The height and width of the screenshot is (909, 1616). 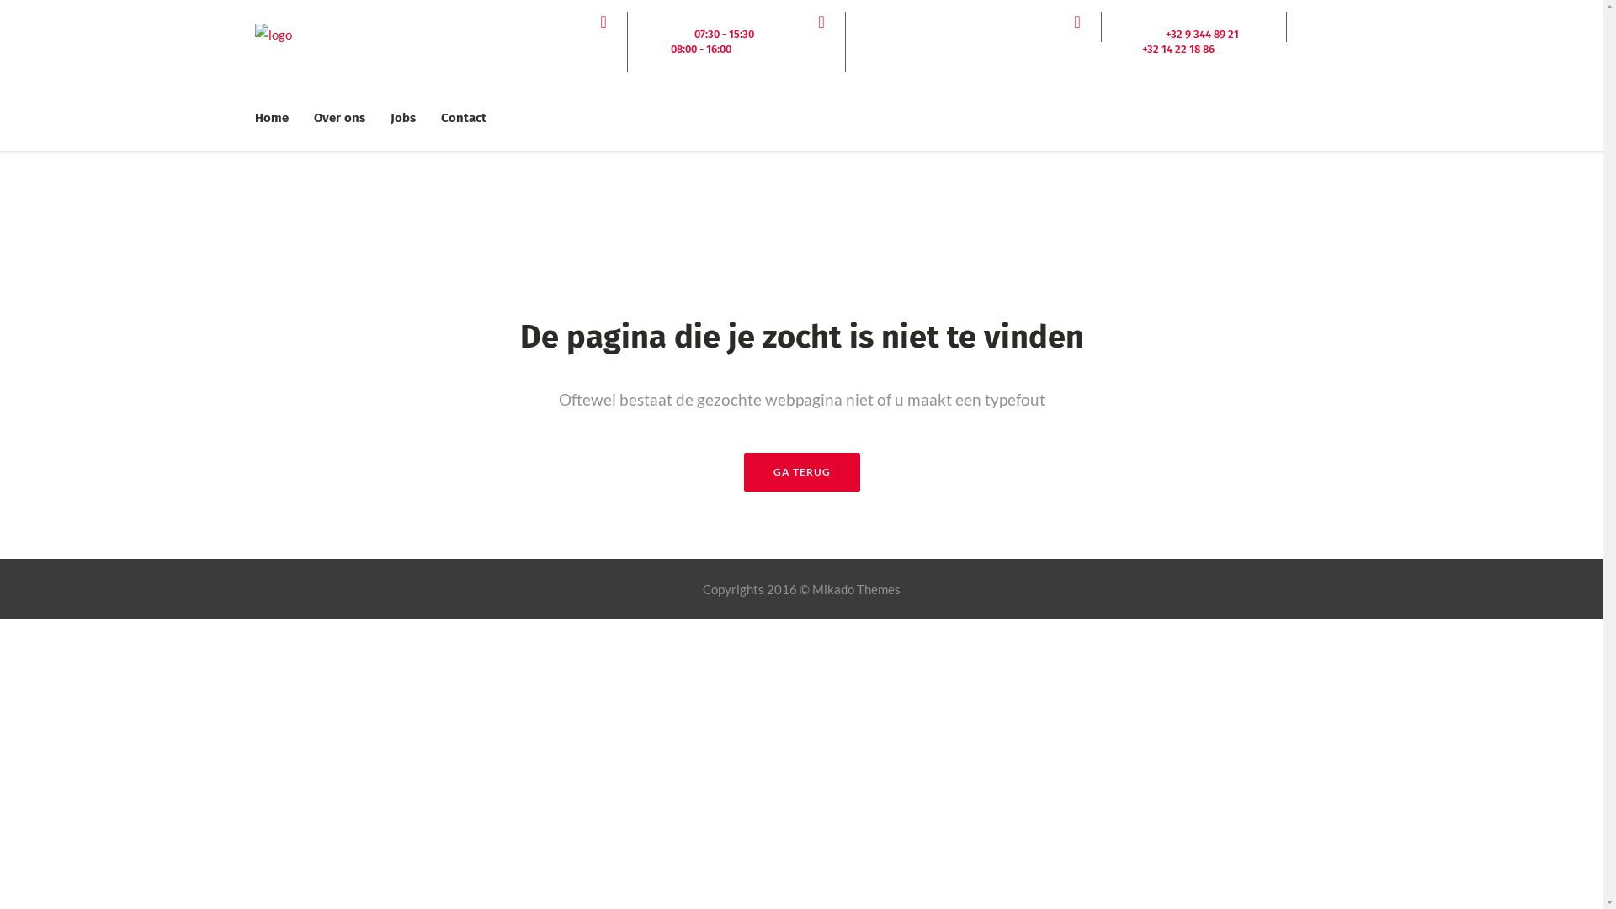 What do you see at coordinates (338, 116) in the screenshot?
I see `'Over ons'` at bounding box center [338, 116].